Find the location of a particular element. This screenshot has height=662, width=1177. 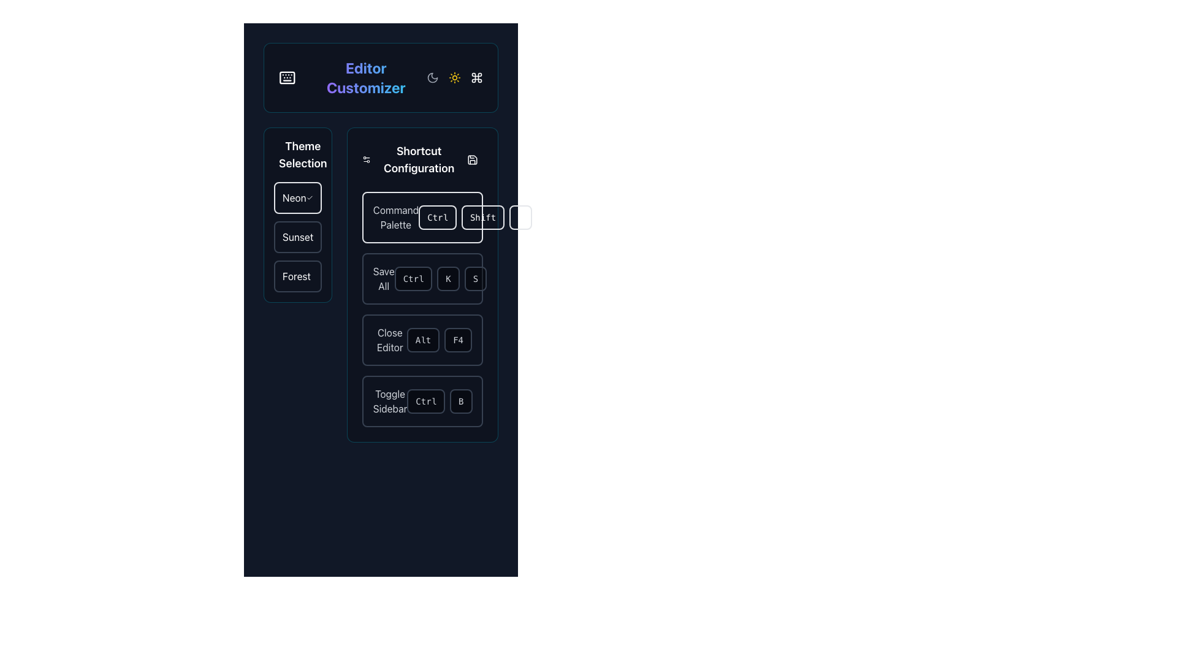

the 'K' key button, which is the second button in the 'Shortcut Configuration' group, as part of the 'Save All' command sequence is located at coordinates (448, 279).